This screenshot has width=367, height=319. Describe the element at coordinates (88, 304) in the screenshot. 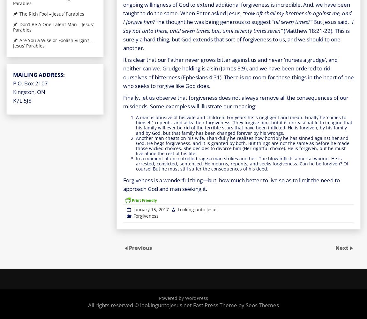

I see `'All rights reserved  © lookinguntojesus.net'` at that location.